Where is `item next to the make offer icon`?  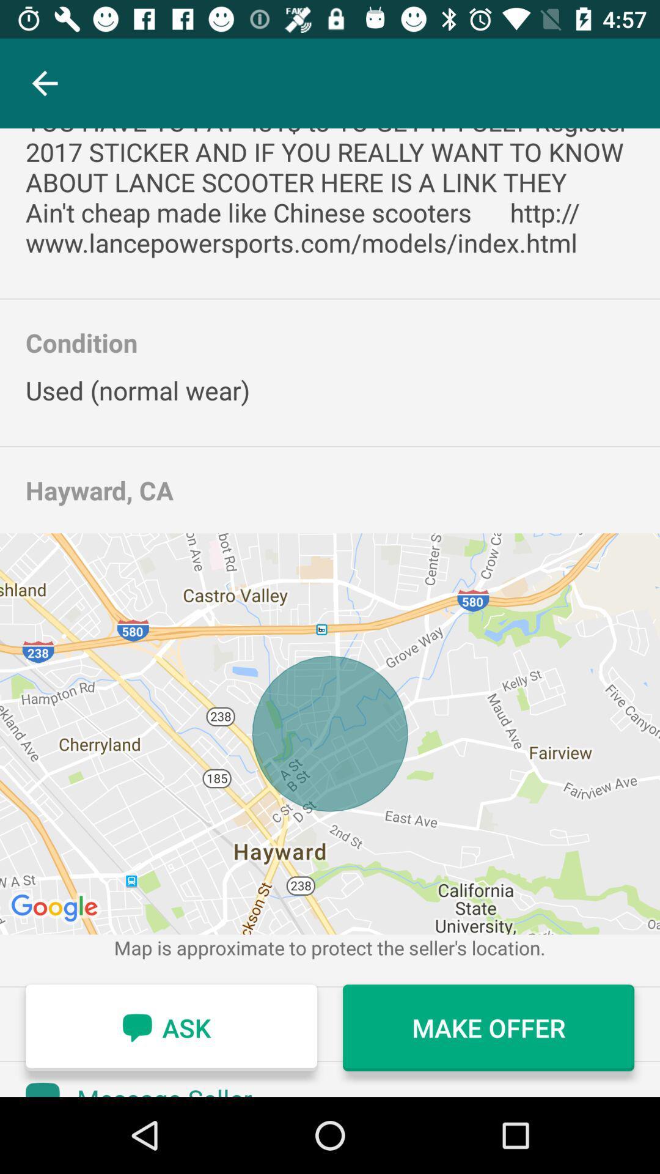 item next to the make offer icon is located at coordinates (171, 1027).